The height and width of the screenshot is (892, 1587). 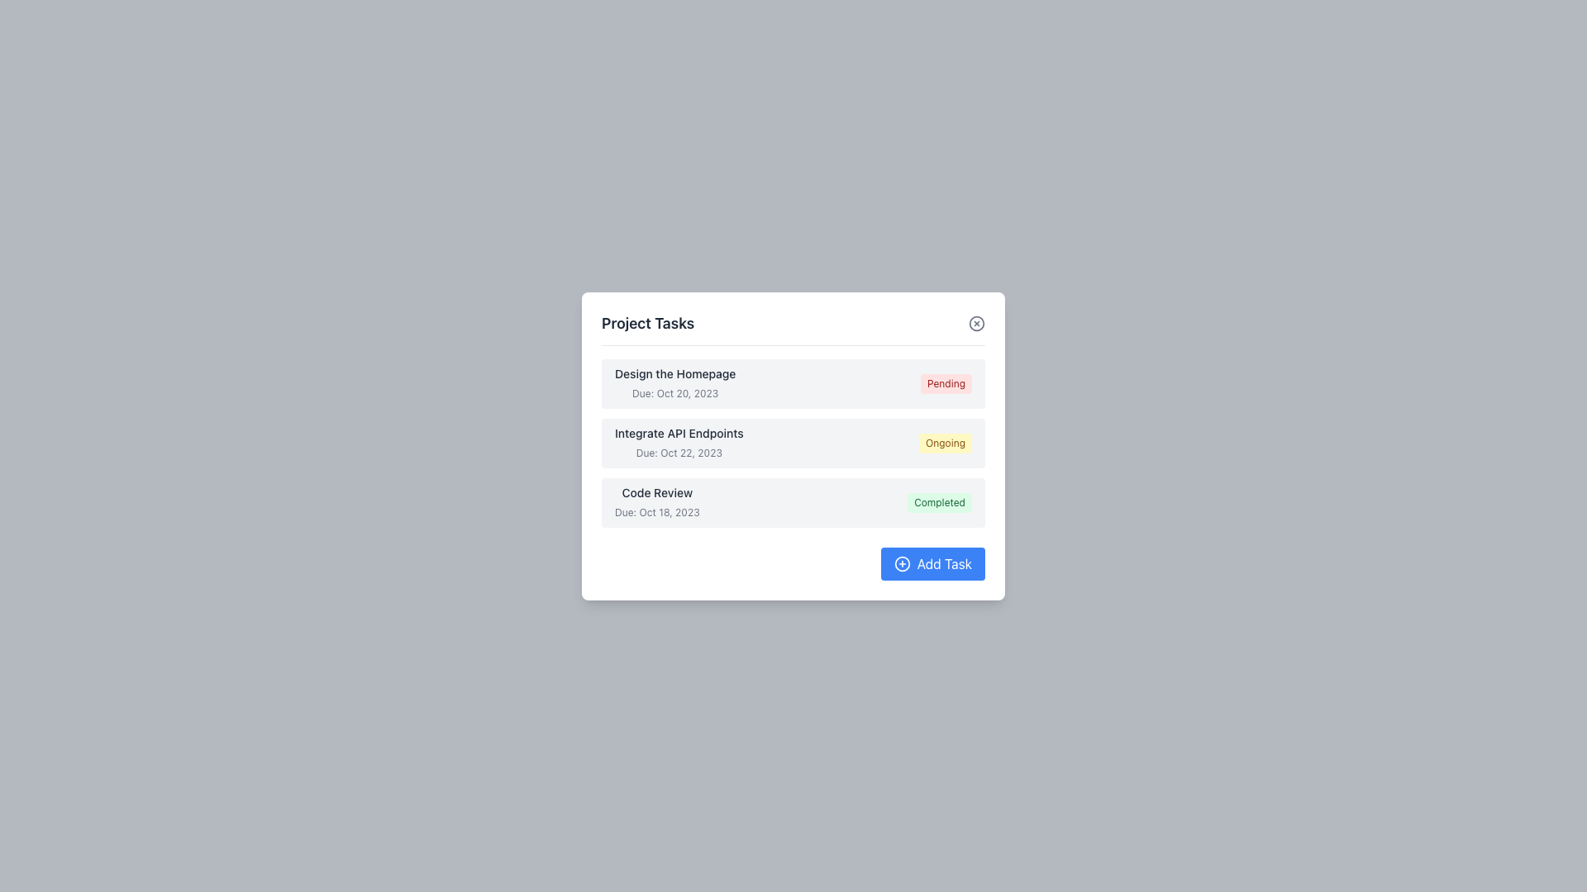 What do you see at coordinates (675, 383) in the screenshot?
I see `text displayed in the task area that shows 'Design the Homepage' and its due date 'Due: Oct 20, 2023', located in the first row of the task list within the task manager interface` at bounding box center [675, 383].